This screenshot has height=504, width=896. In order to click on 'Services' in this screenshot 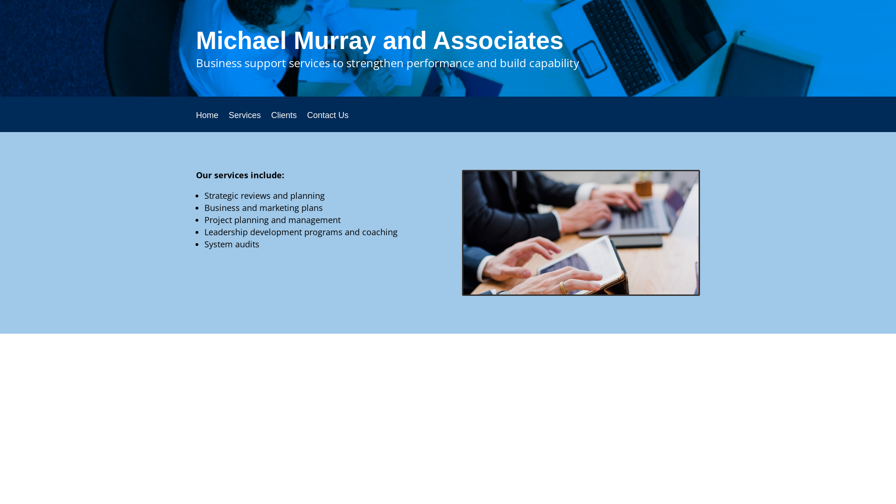, I will do `click(228, 121)`.